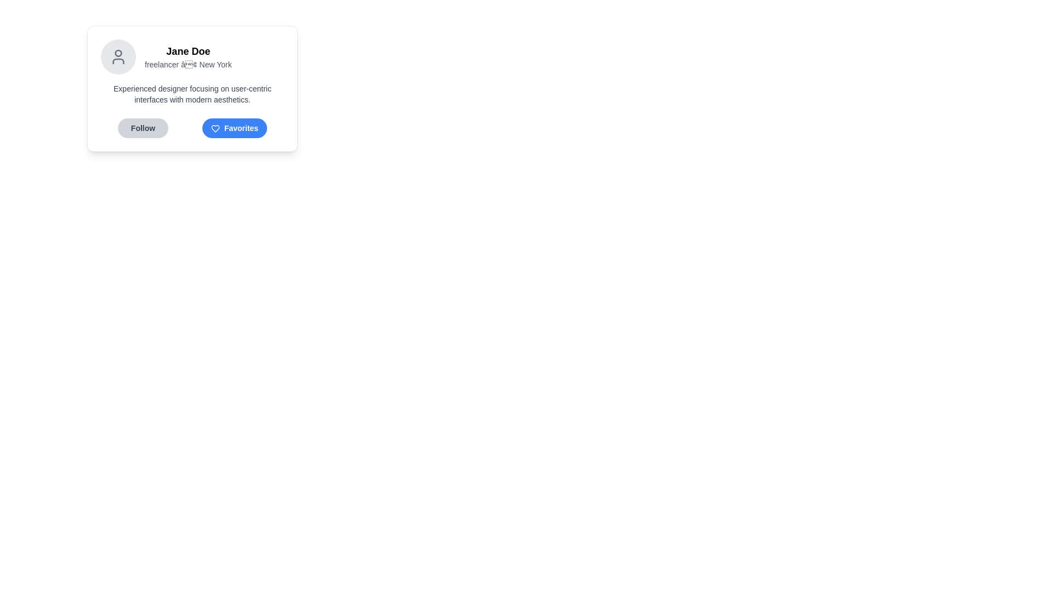 The width and height of the screenshot is (1053, 592). I want to click on the Text Label element that reads 'Experienced designer focusing on user-centric interfaces with modern aesthetics.' which is located beneath the 'Jane Doe' header and above the buttons, so click(192, 94).